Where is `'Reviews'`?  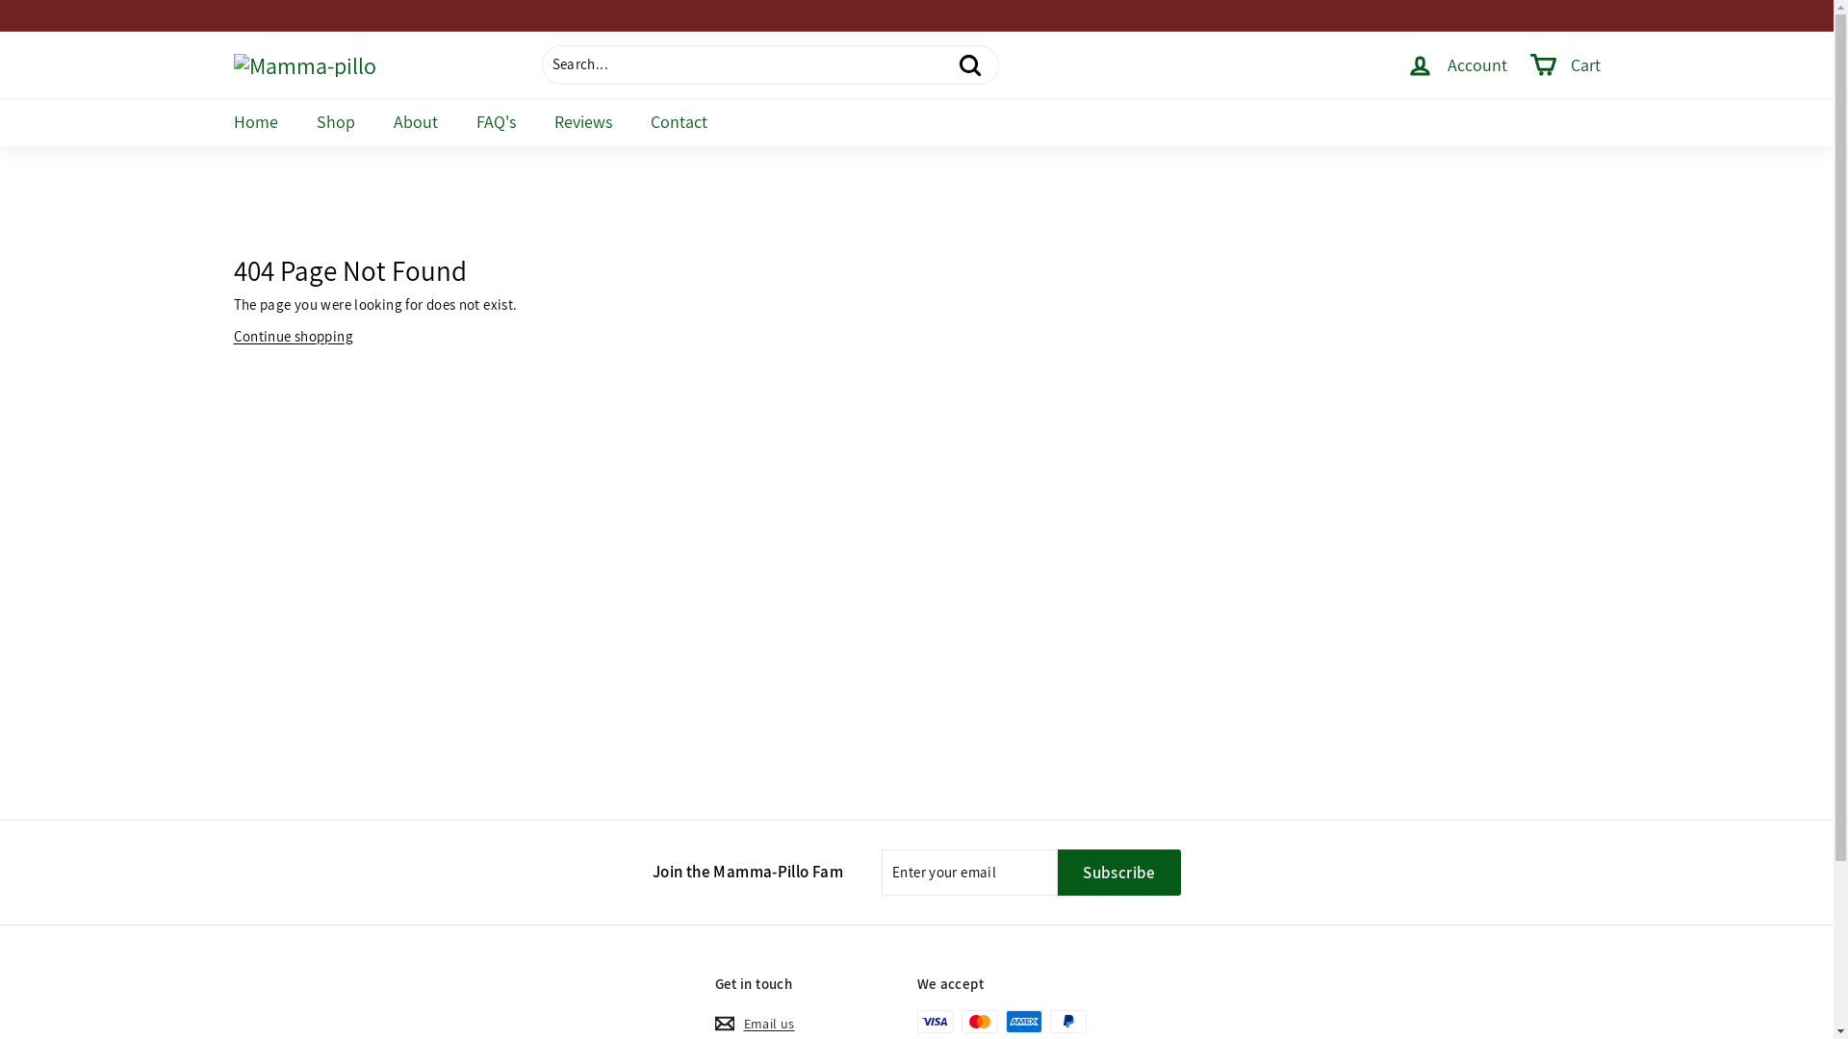 'Reviews' is located at coordinates (581, 122).